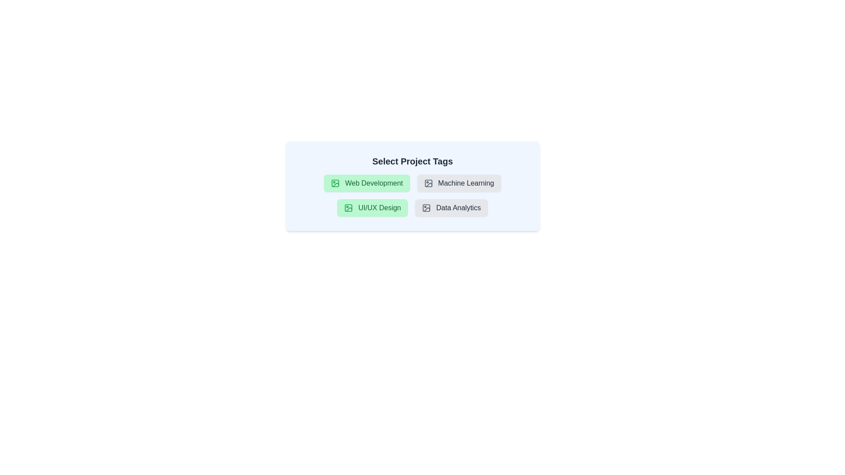 This screenshot has height=475, width=845. What do you see at coordinates (367, 183) in the screenshot?
I see `the tag labeled 'Web Development' by clicking on it` at bounding box center [367, 183].